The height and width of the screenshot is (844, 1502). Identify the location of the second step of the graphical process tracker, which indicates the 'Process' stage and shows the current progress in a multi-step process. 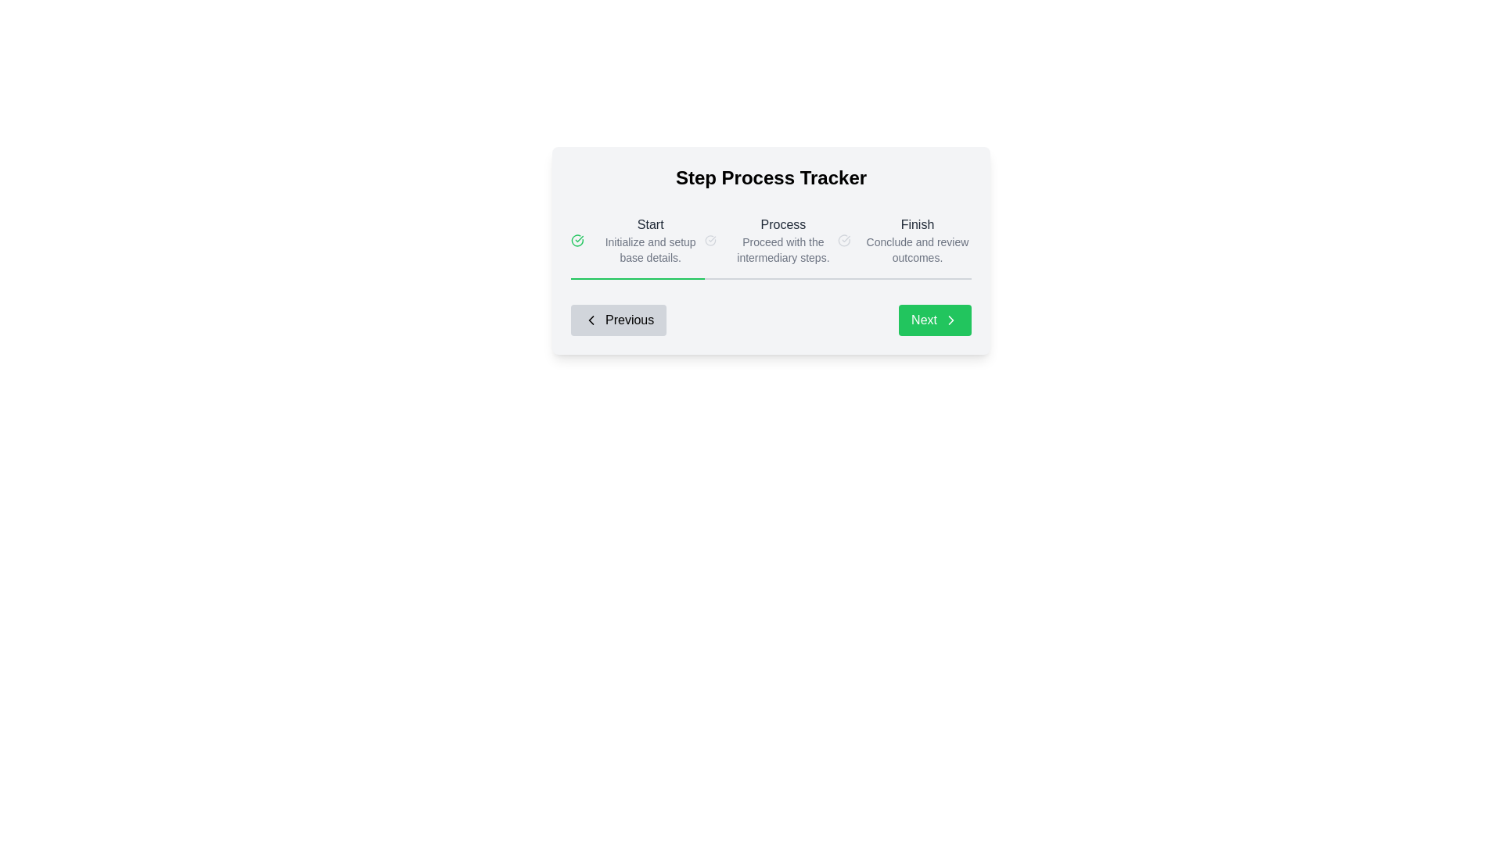
(771, 249).